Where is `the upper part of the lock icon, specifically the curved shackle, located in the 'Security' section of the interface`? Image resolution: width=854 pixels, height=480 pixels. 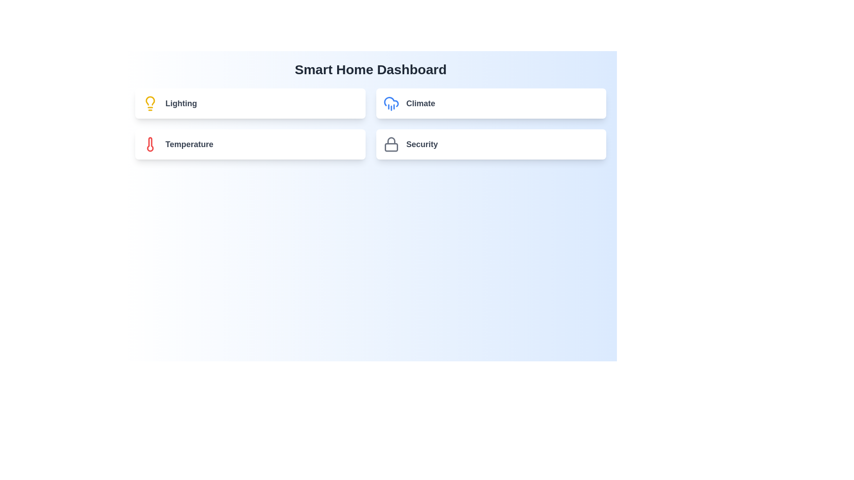 the upper part of the lock icon, specifically the curved shackle, located in the 'Security' section of the interface is located at coordinates (391, 140).